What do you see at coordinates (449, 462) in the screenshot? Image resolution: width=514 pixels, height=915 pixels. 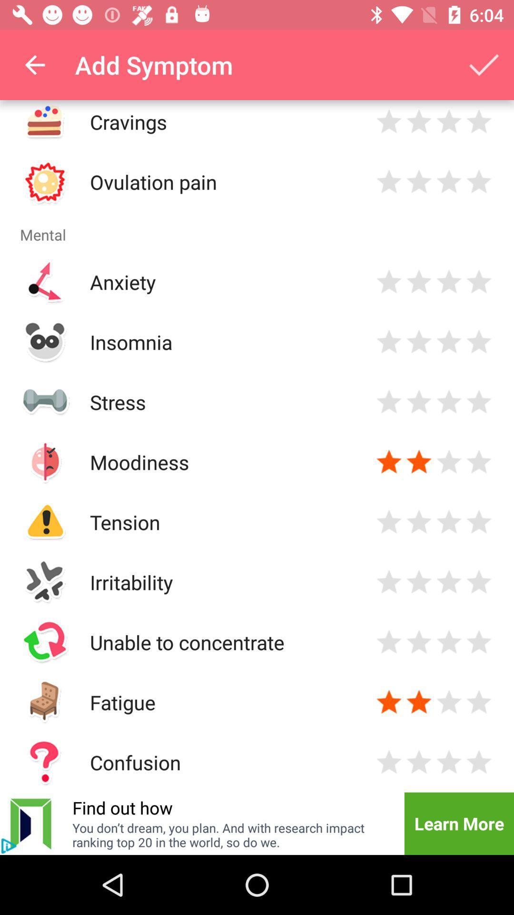 I see `one more positive feedback` at bounding box center [449, 462].